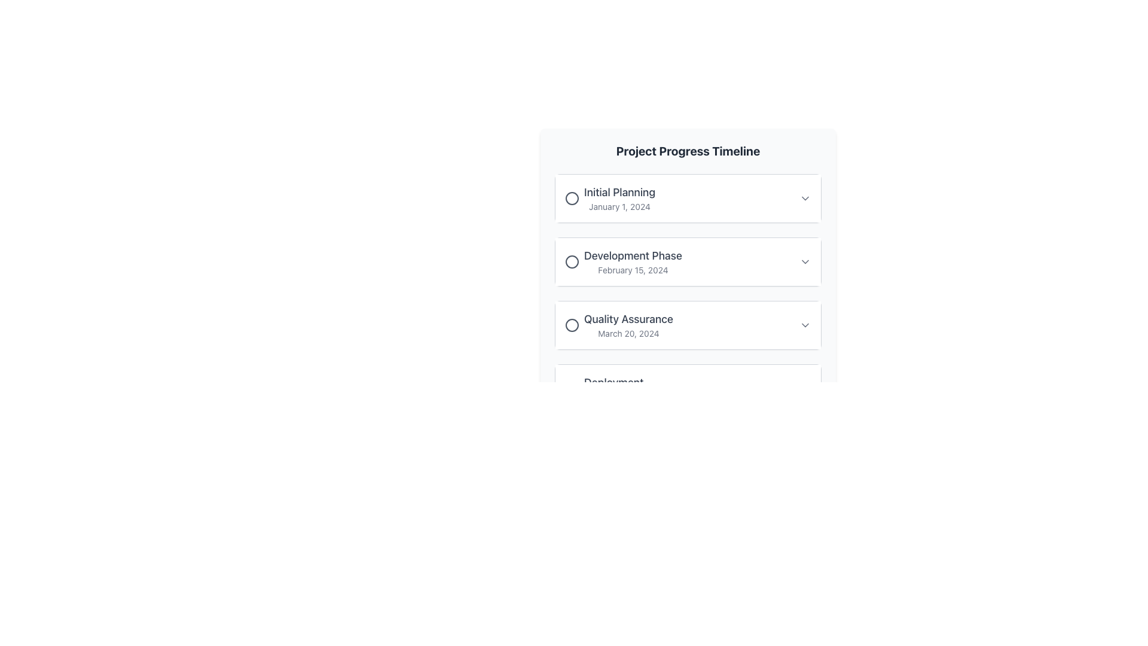 The height and width of the screenshot is (646, 1148). What do you see at coordinates (632, 270) in the screenshot?
I see `the timestamp Text Label that indicates the deadline for the 'Development Phase' in the project timeline` at bounding box center [632, 270].